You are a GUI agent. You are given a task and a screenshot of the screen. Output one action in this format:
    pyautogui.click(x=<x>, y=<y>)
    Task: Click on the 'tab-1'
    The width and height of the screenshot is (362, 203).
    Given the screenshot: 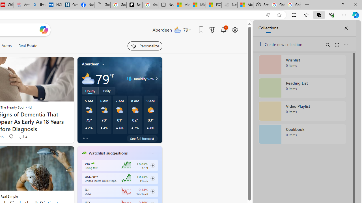 What is the action you would take?
    pyautogui.click(x=87, y=138)
    